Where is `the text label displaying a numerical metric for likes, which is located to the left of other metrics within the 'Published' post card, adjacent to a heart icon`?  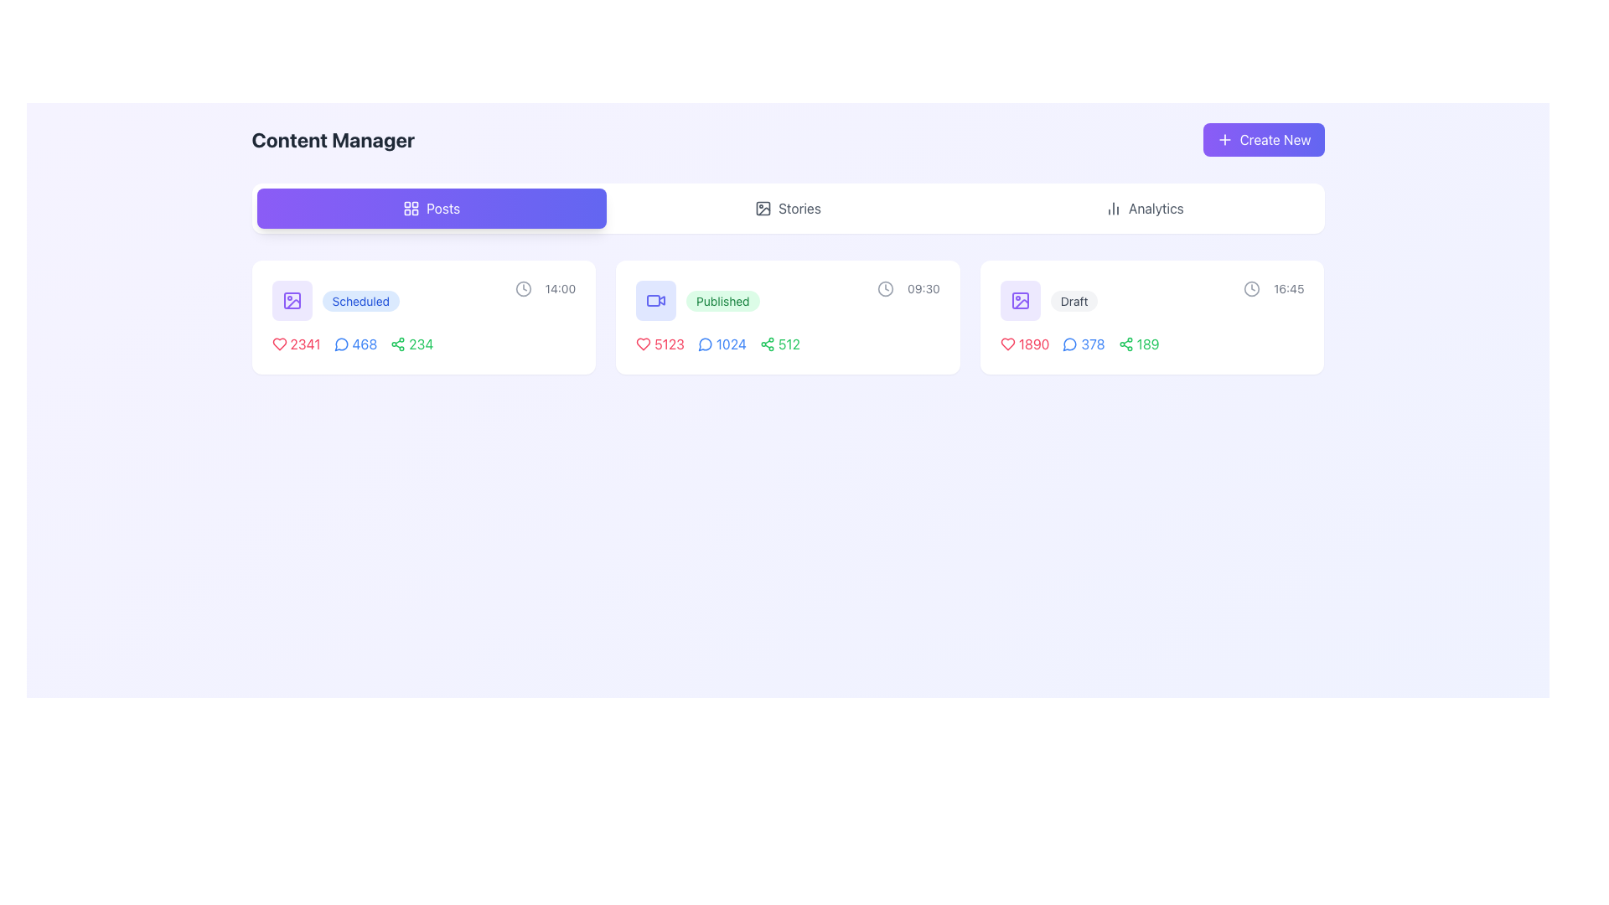 the text label displaying a numerical metric for likes, which is located to the left of other metrics within the 'Published' post card, adjacent to a heart icon is located at coordinates (669, 344).